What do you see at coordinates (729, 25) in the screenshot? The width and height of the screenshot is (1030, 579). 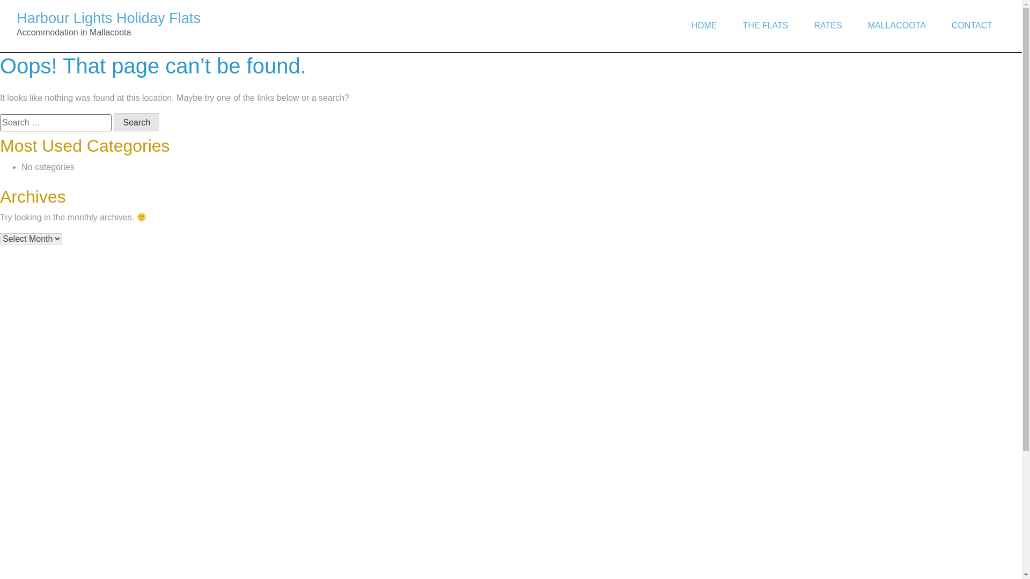 I see `'THE FLATS'` at bounding box center [729, 25].